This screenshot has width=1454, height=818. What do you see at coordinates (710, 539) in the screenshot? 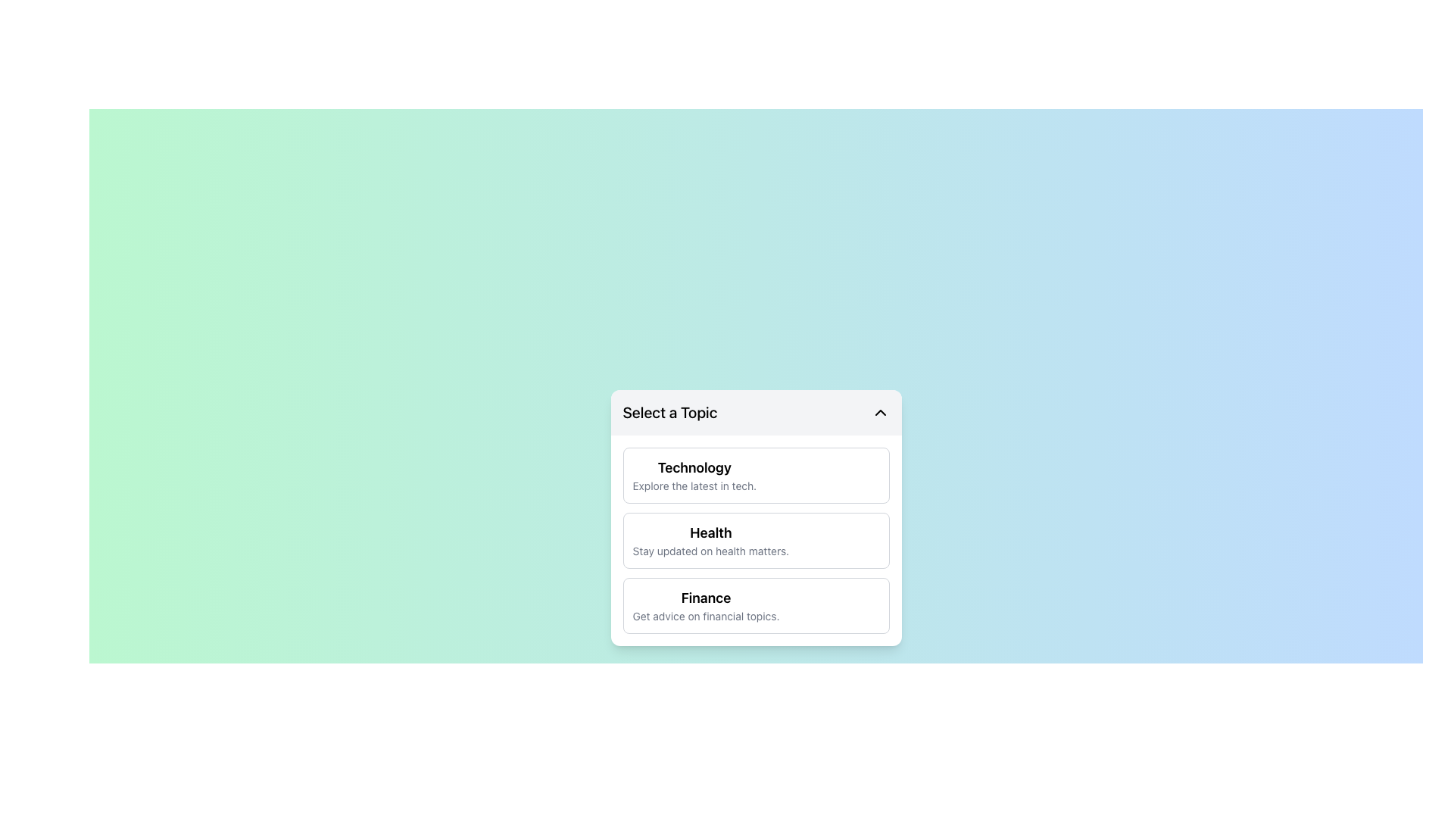
I see `the 'Health' topic item in the list of selectable topics within the 'Select a Topic' card` at bounding box center [710, 539].